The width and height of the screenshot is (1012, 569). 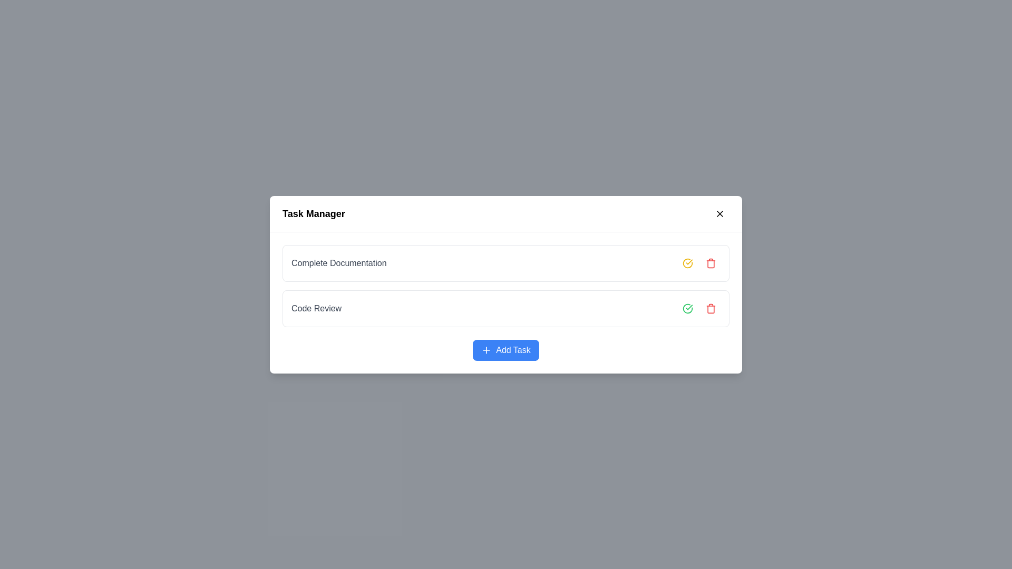 What do you see at coordinates (513, 349) in the screenshot?
I see `the text label of the interactive button located in the lower central portion of the modal window` at bounding box center [513, 349].